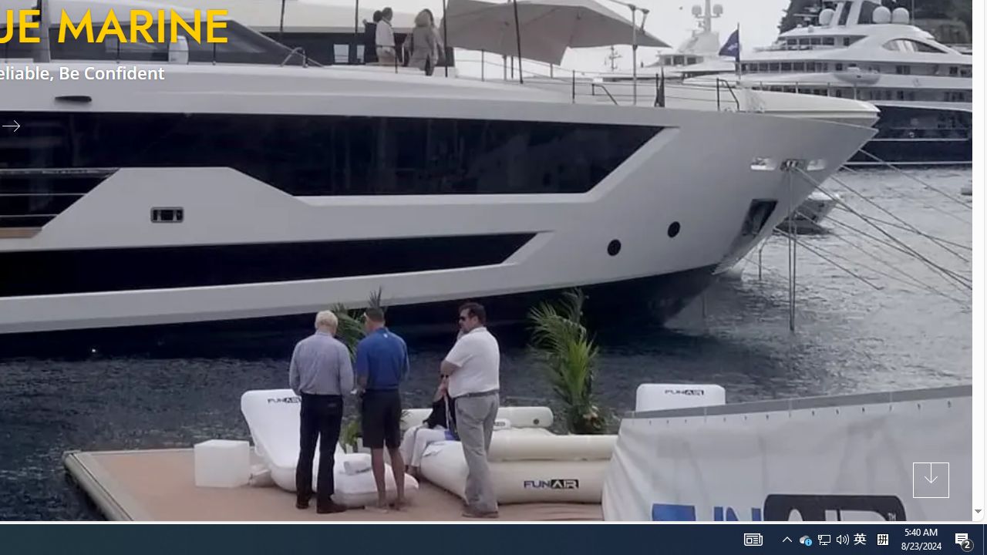  What do you see at coordinates (17, 124) in the screenshot?
I see `'Next Slide'` at bounding box center [17, 124].